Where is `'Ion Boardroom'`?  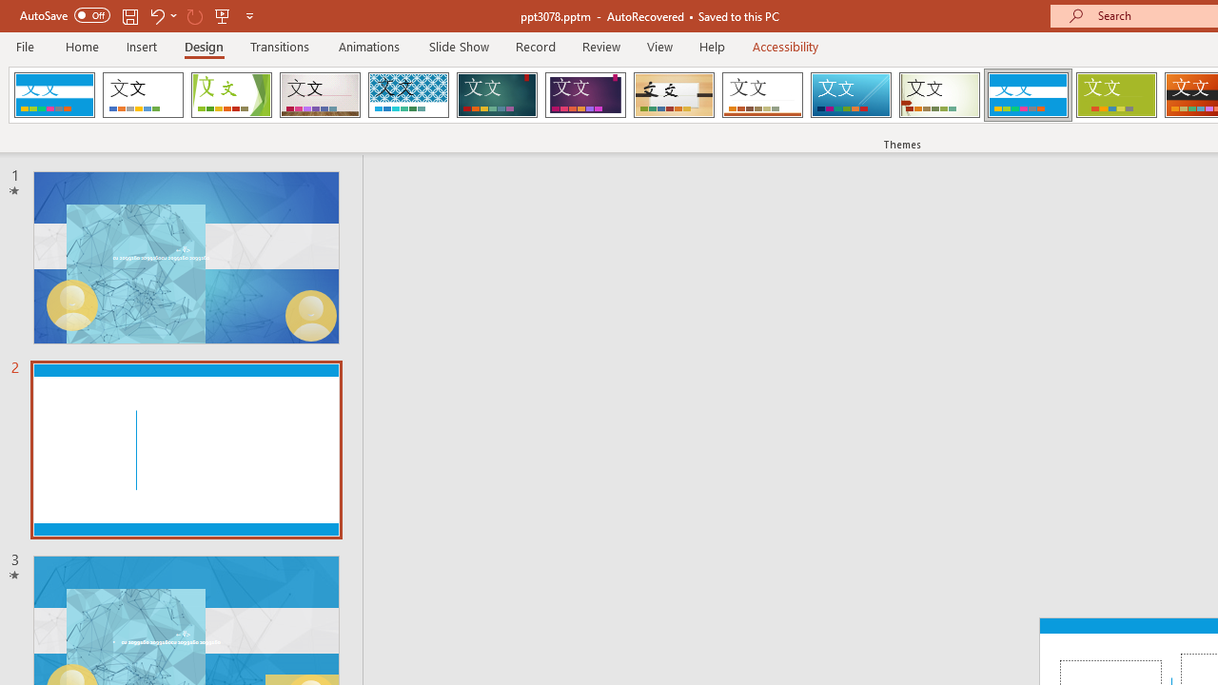
'Ion Boardroom' is located at coordinates (584, 95).